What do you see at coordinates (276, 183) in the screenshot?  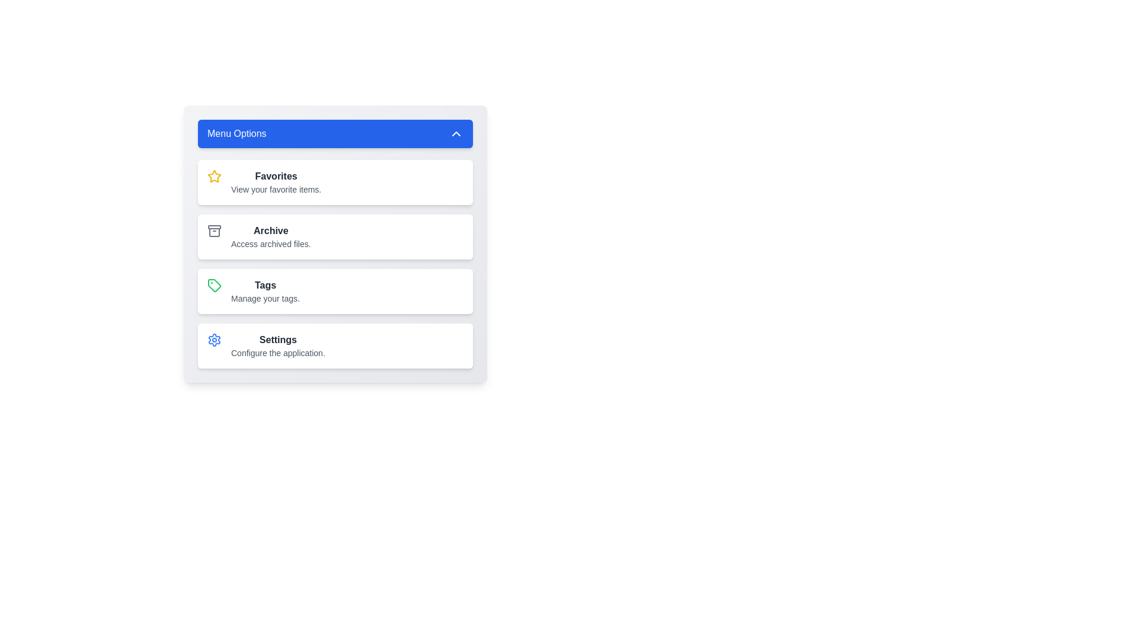 I see `the 'Favorites' text label, which is bold and dark gray, located below the 'Menu Options' header and above the 'Archive' menu item` at bounding box center [276, 183].